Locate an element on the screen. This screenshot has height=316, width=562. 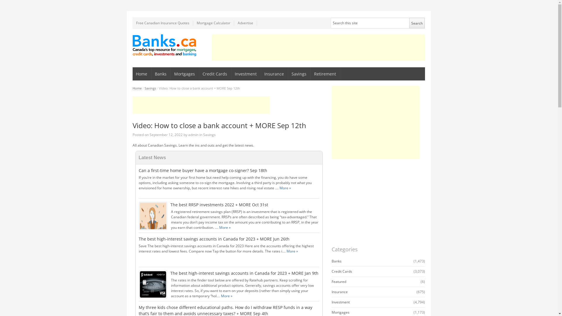
'Home' is located at coordinates (142, 73).